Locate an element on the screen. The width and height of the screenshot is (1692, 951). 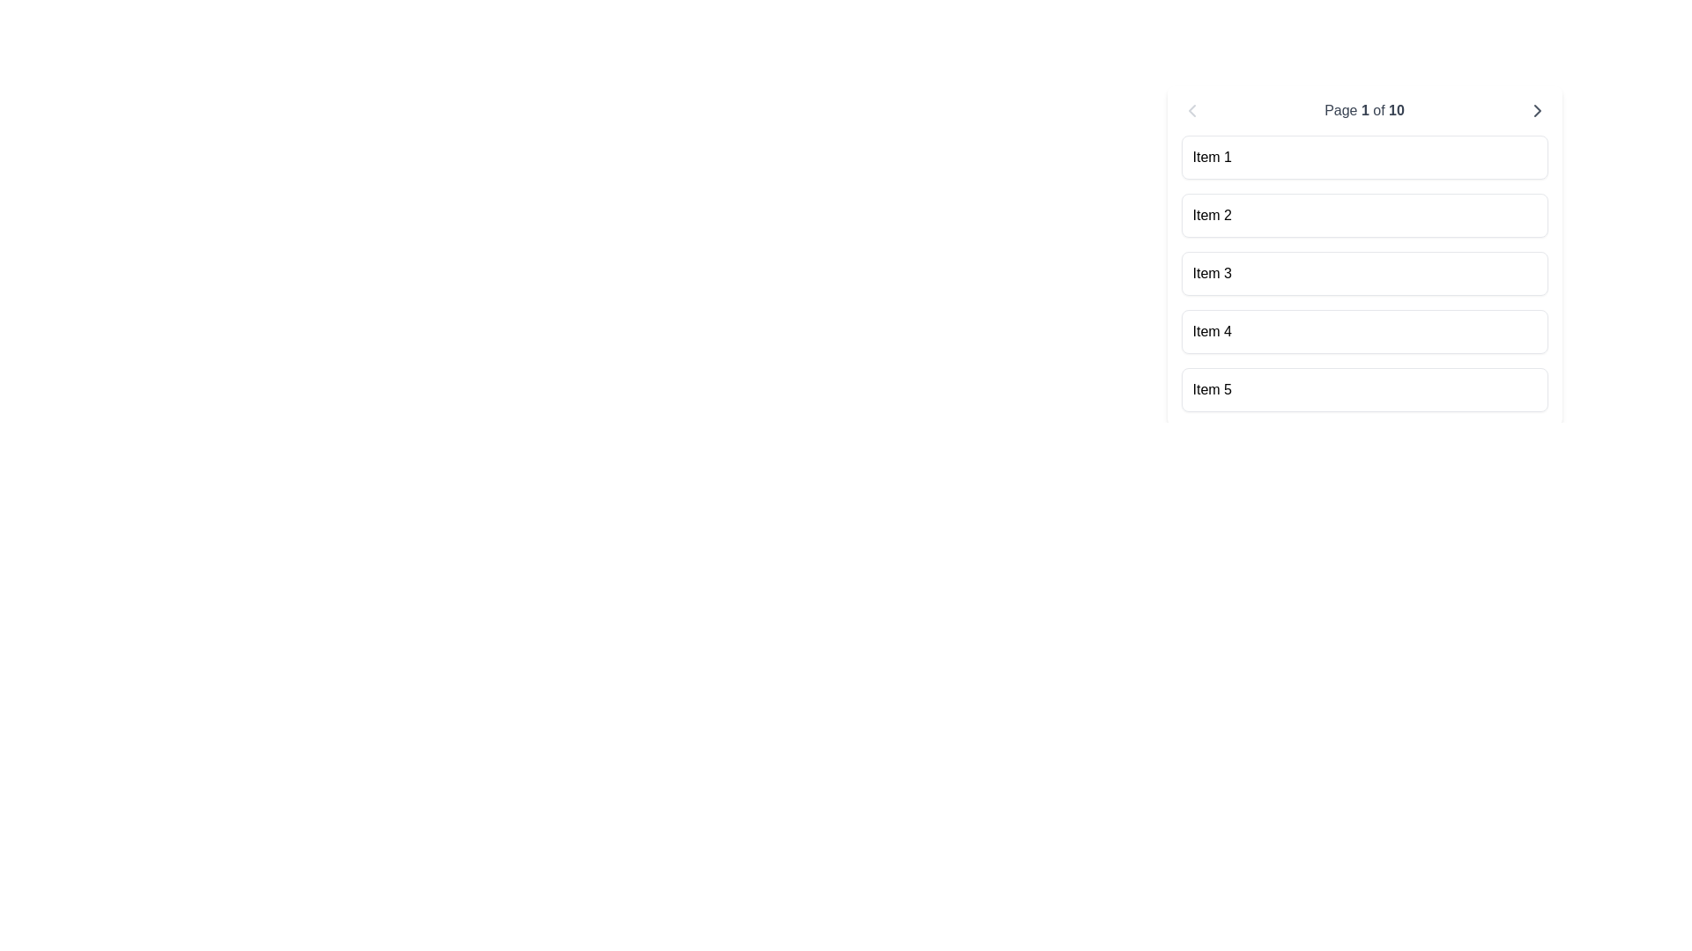
the list item labeled 'Item 1' located at the topmost position in a vertically stacked list on the central-right part of the interface is located at coordinates (1363, 156).